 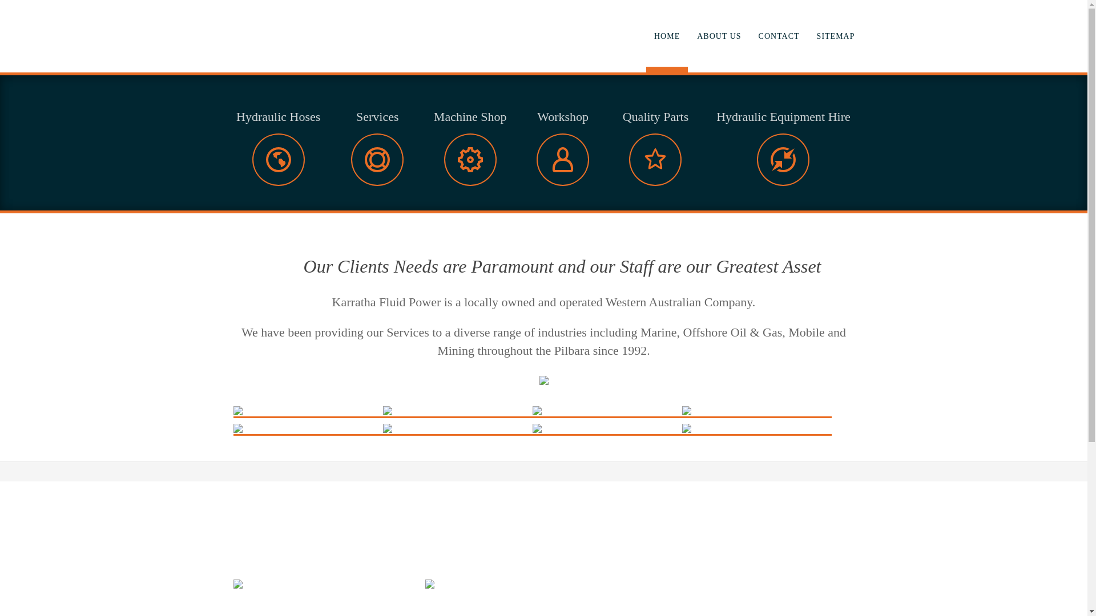 I want to click on 'icon', so click(x=253, y=160).